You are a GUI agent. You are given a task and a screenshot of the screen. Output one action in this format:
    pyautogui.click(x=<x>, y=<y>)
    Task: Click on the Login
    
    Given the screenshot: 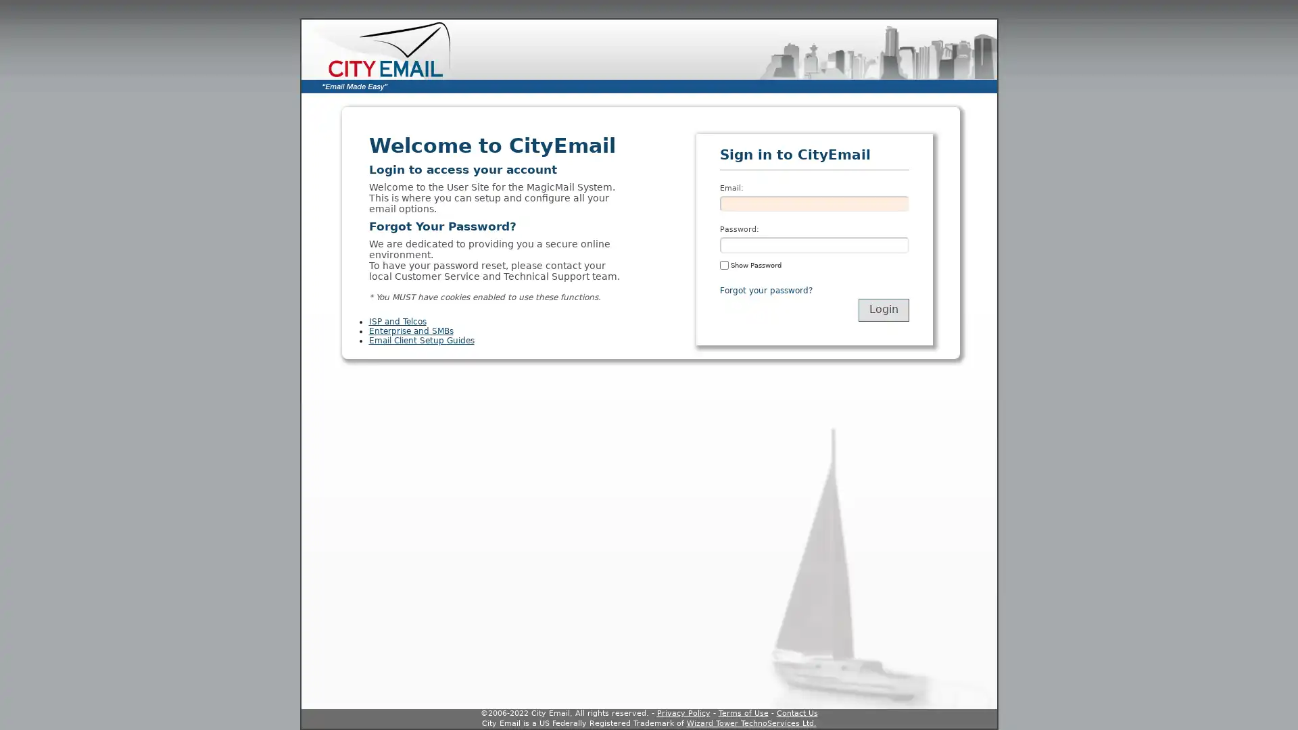 What is the action you would take?
    pyautogui.click(x=883, y=310)
    